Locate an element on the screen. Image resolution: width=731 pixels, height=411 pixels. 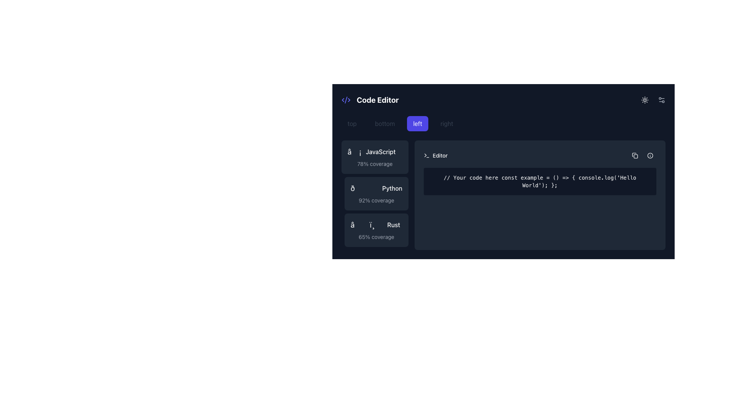
the 'Python' label located in the left panel of the 'Code Editor' interface, which is styled with a medium font weight and is positioned adjacent to a snake emoji icon is located at coordinates (392, 188).